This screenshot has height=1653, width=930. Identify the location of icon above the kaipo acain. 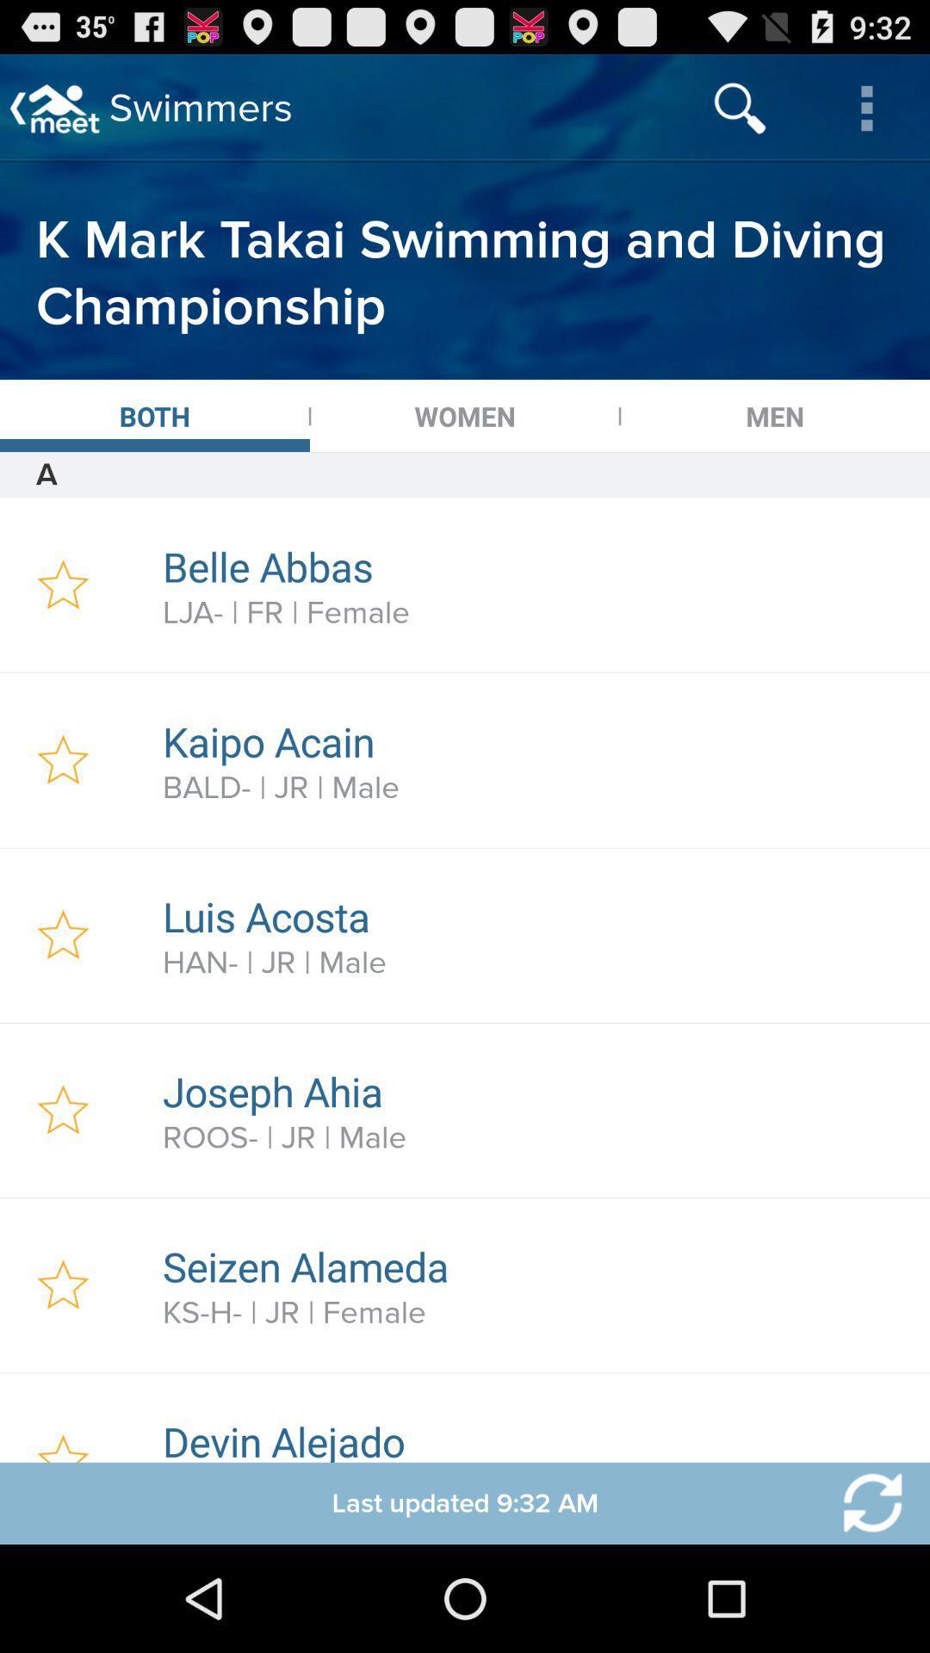
(536, 613).